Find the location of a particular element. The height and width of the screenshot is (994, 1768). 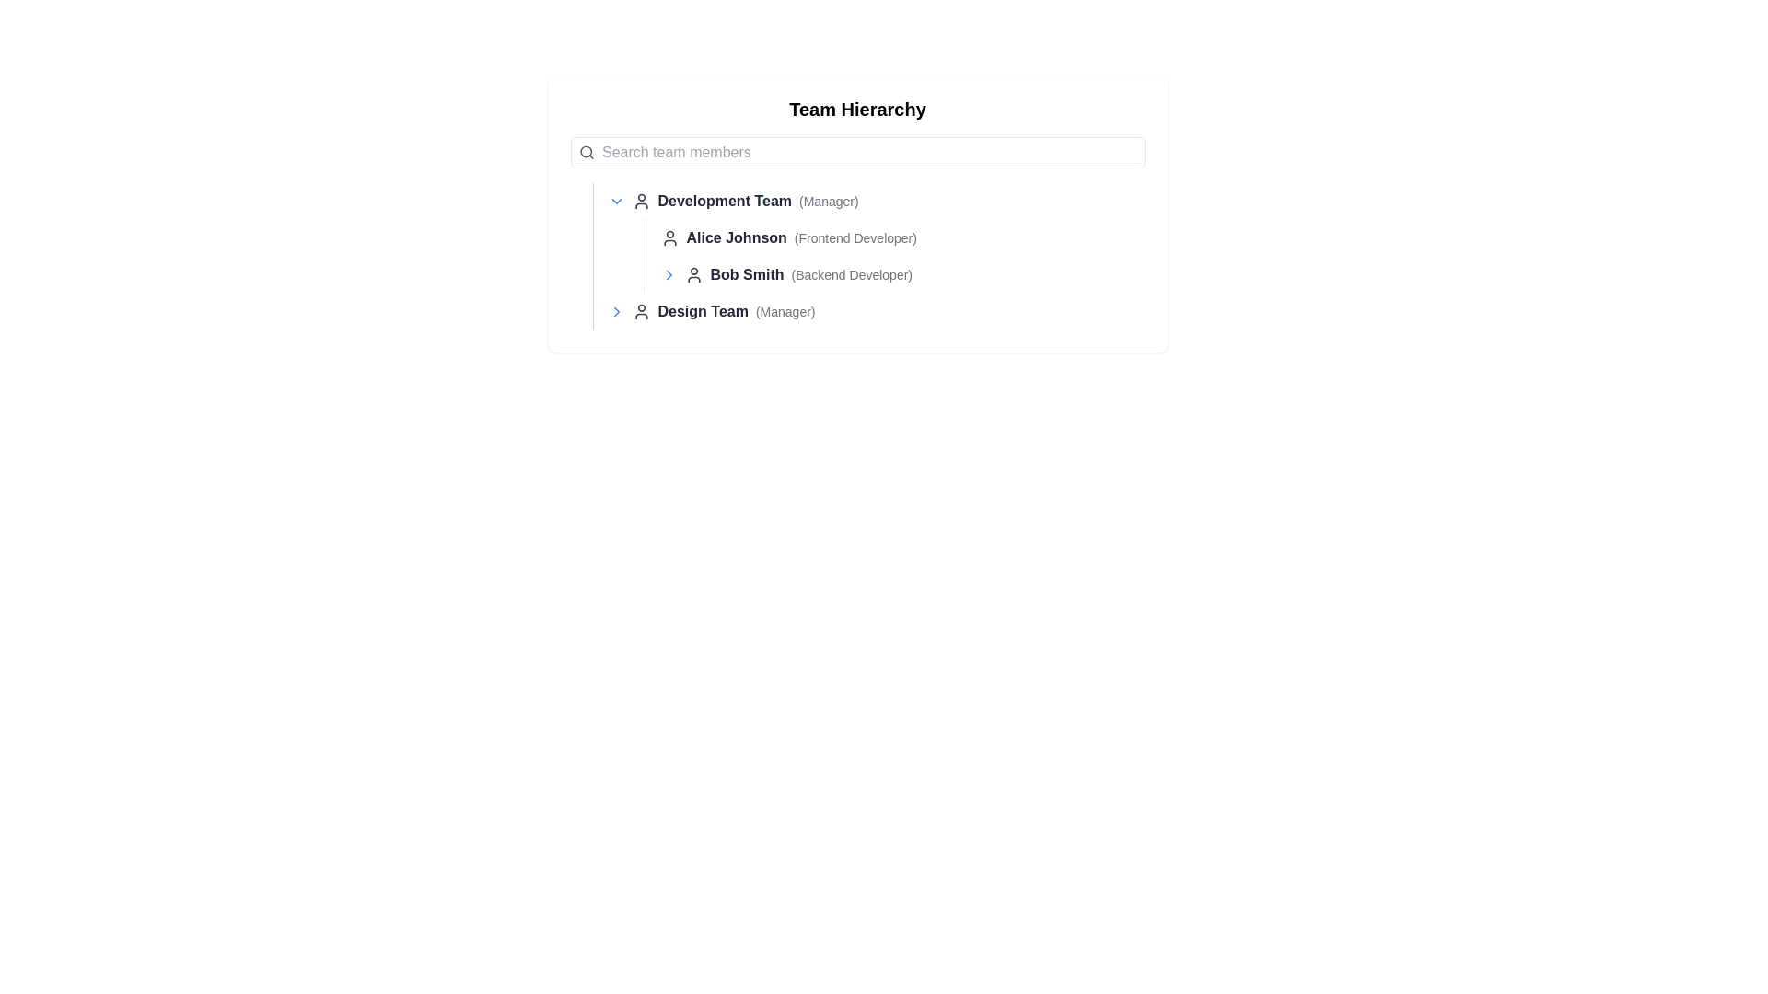

the down chevron next to the 'Development Team (Manager)' list item is located at coordinates (875, 202).